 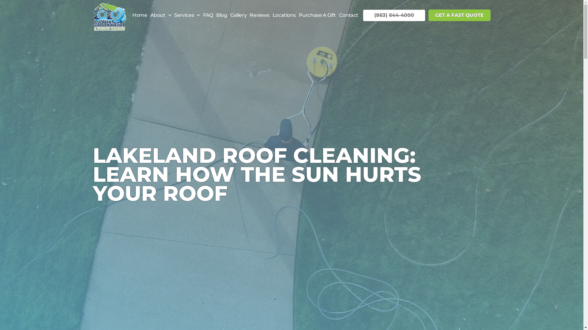 What do you see at coordinates (187, 15) in the screenshot?
I see `'Services'` at bounding box center [187, 15].